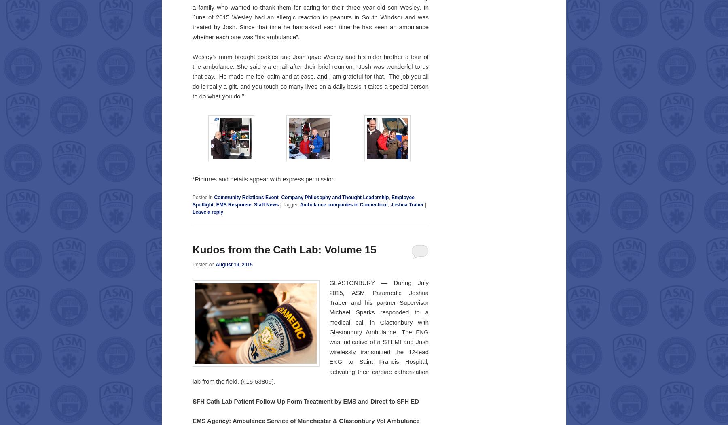  What do you see at coordinates (406, 204) in the screenshot?
I see `'Joshua Traber'` at bounding box center [406, 204].